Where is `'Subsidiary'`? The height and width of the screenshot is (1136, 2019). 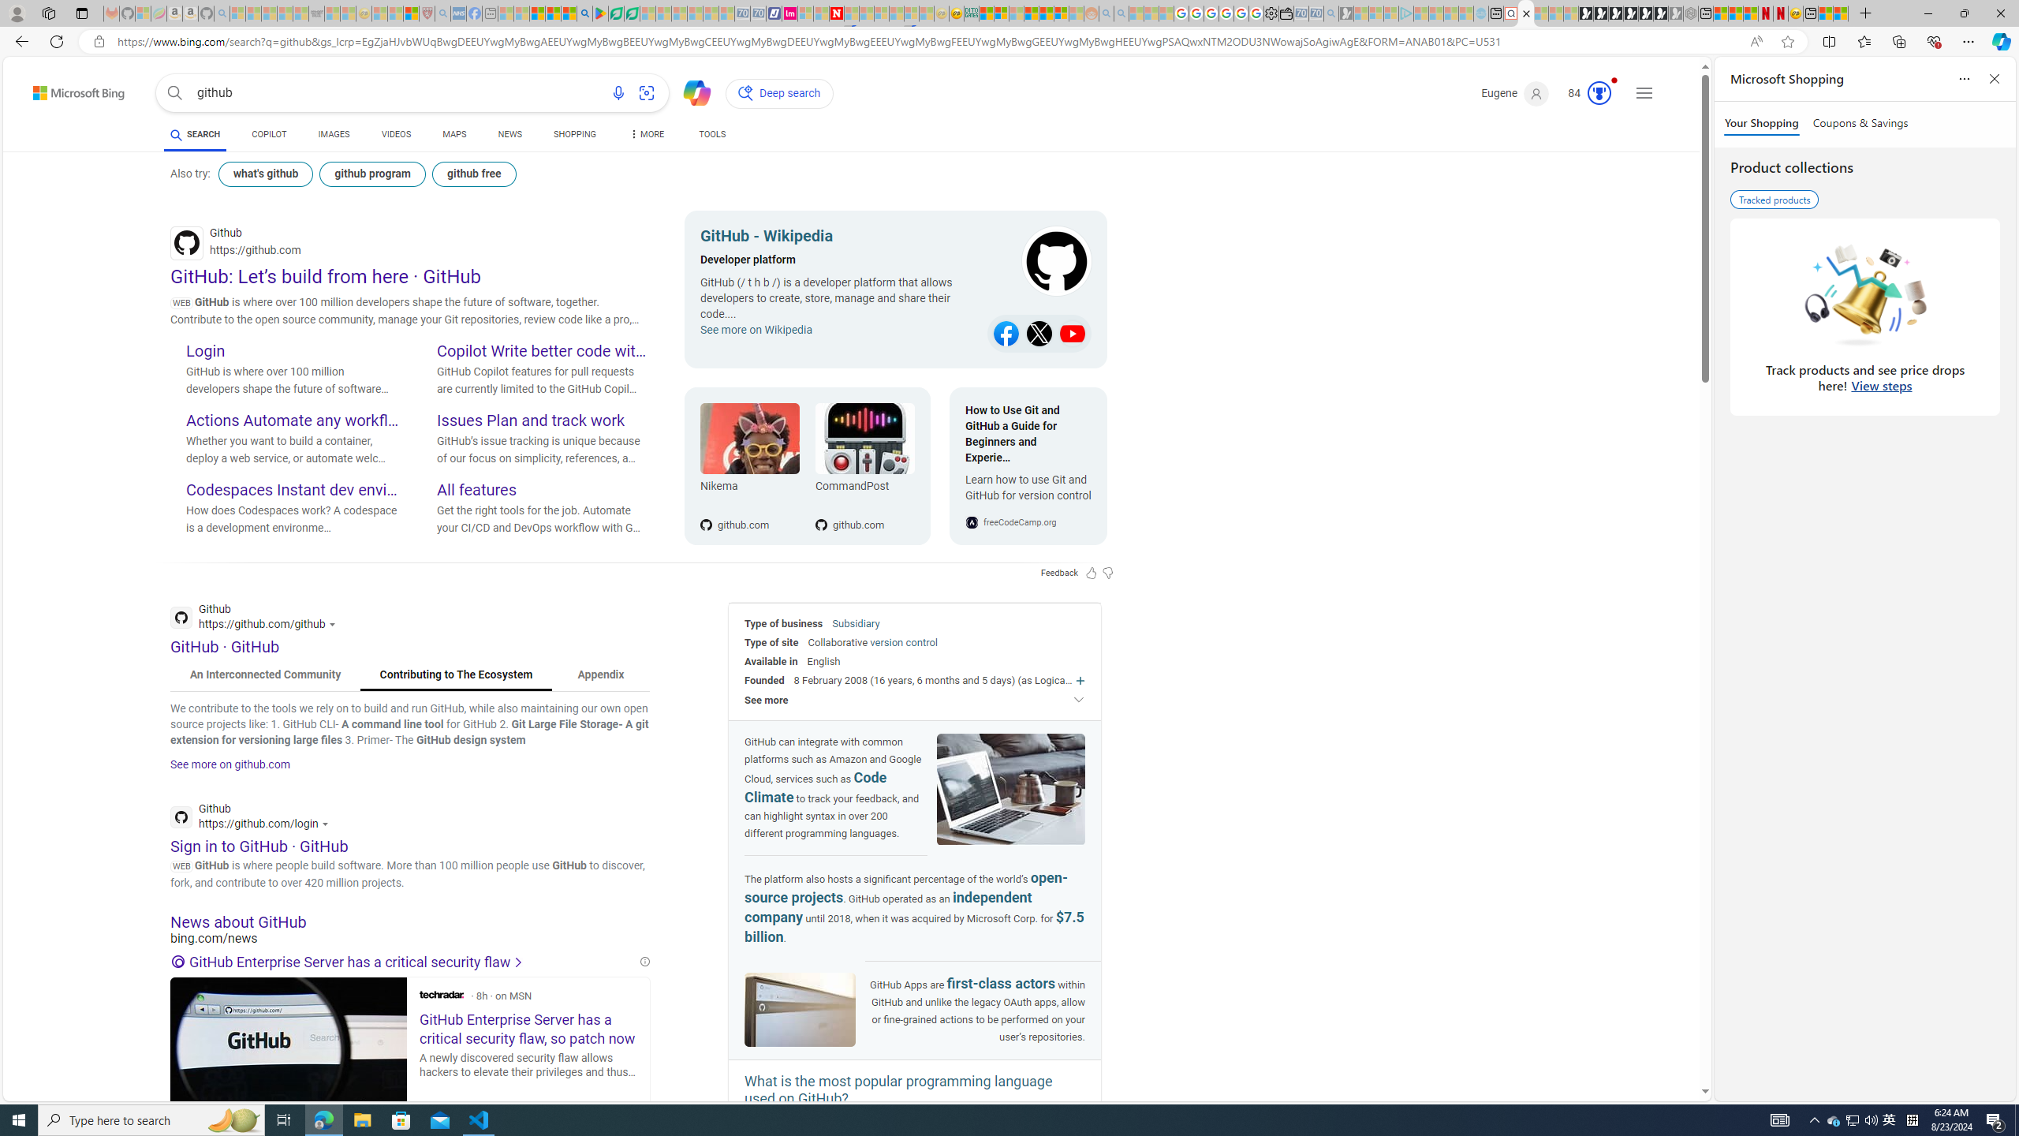
'Subsidiary' is located at coordinates (855, 622).